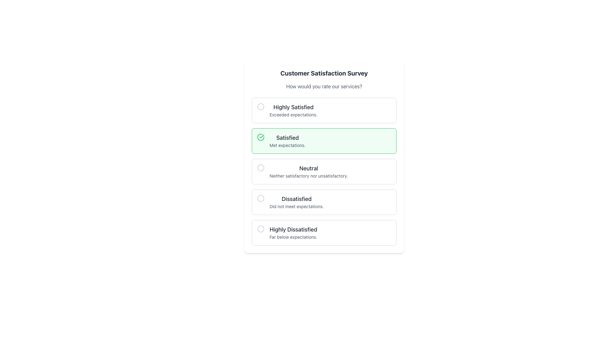  Describe the element at coordinates (324, 86) in the screenshot. I see `the text block displaying the message 'How would you rate our services?' which is located in the survey form beneath the heading 'Customer Satisfaction Survey'` at that location.